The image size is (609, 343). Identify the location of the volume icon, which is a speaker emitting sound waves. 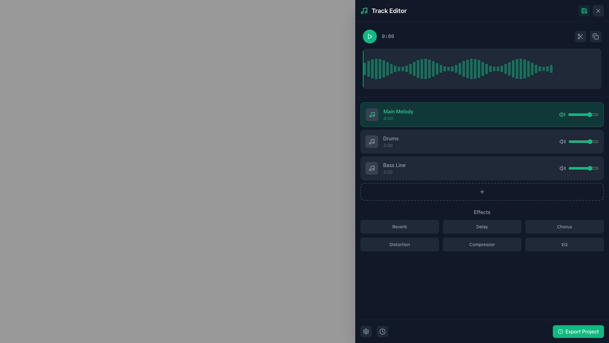
(562, 115).